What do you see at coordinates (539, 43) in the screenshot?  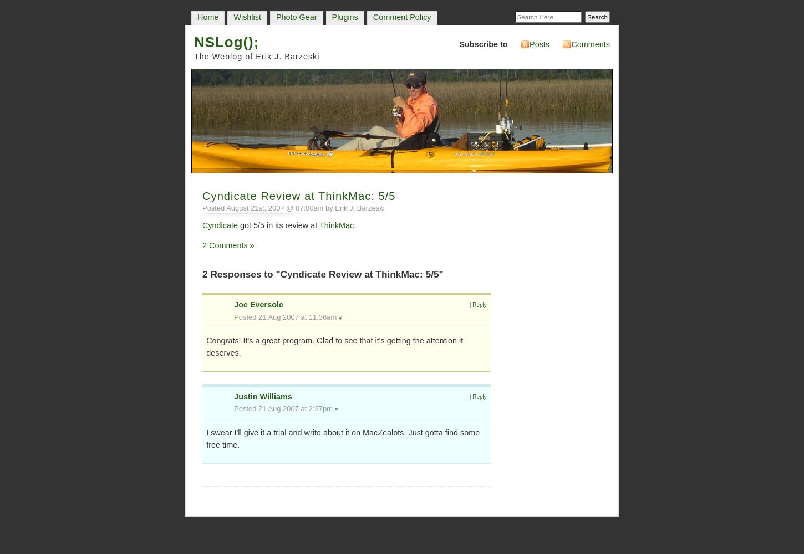 I see `'Posts'` at bounding box center [539, 43].